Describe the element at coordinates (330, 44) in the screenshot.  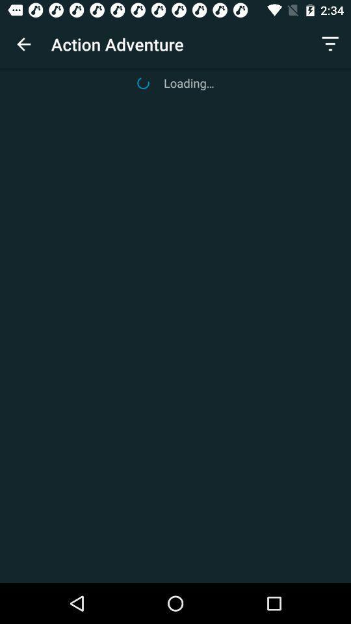
I see `item at the top right corner` at that location.